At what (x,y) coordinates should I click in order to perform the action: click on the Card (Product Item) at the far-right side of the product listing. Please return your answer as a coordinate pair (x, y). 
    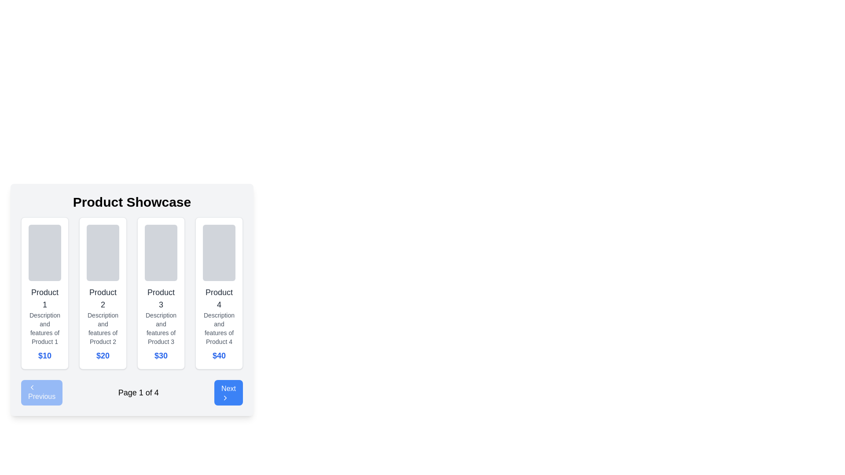
    Looking at the image, I should click on (219, 293).